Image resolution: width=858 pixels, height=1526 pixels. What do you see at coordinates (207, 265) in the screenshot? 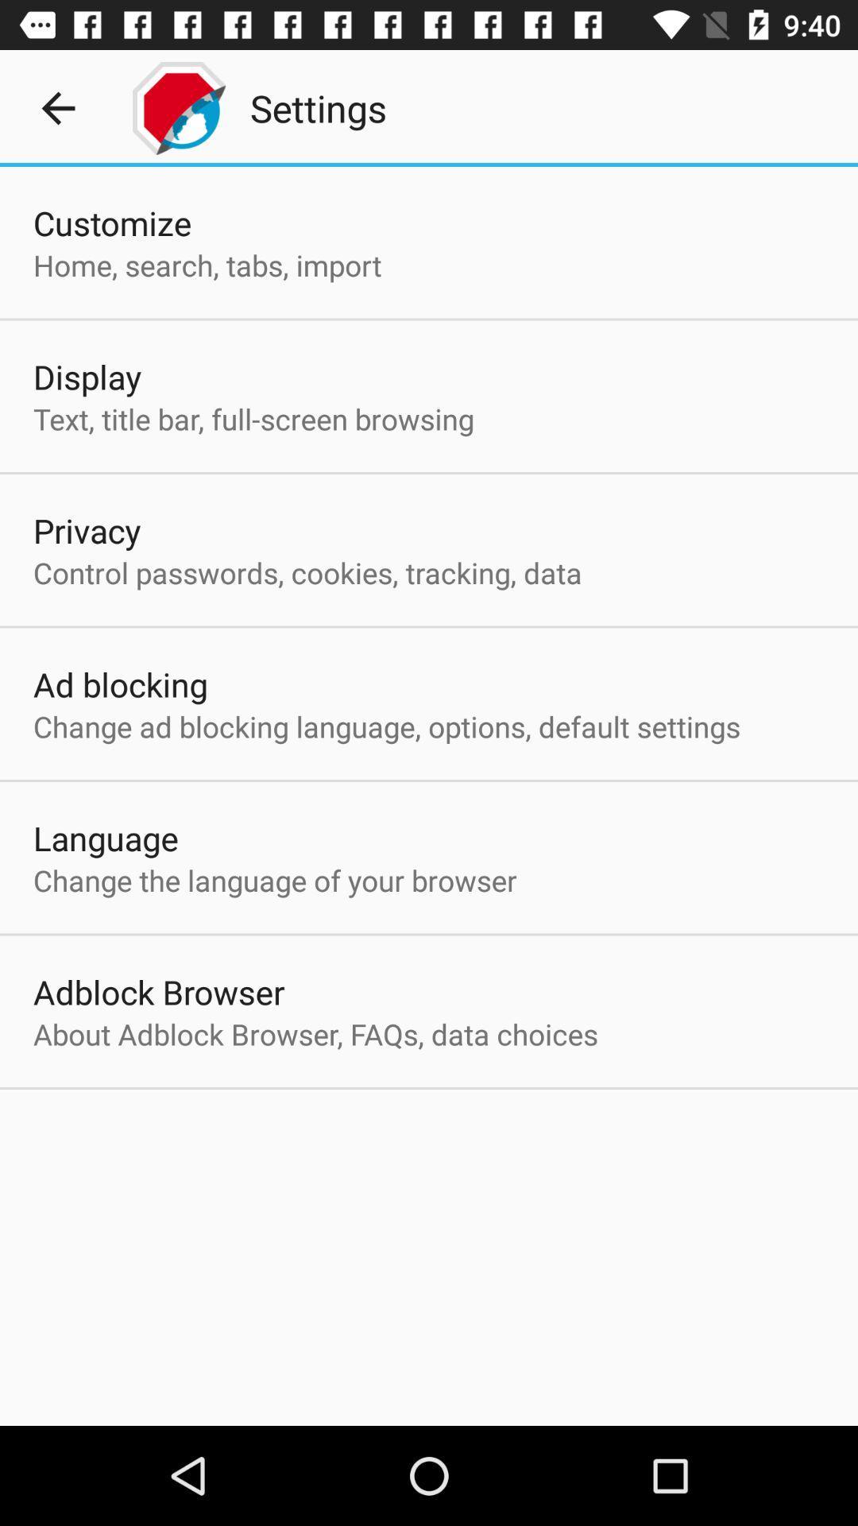
I see `the icon above display icon` at bounding box center [207, 265].